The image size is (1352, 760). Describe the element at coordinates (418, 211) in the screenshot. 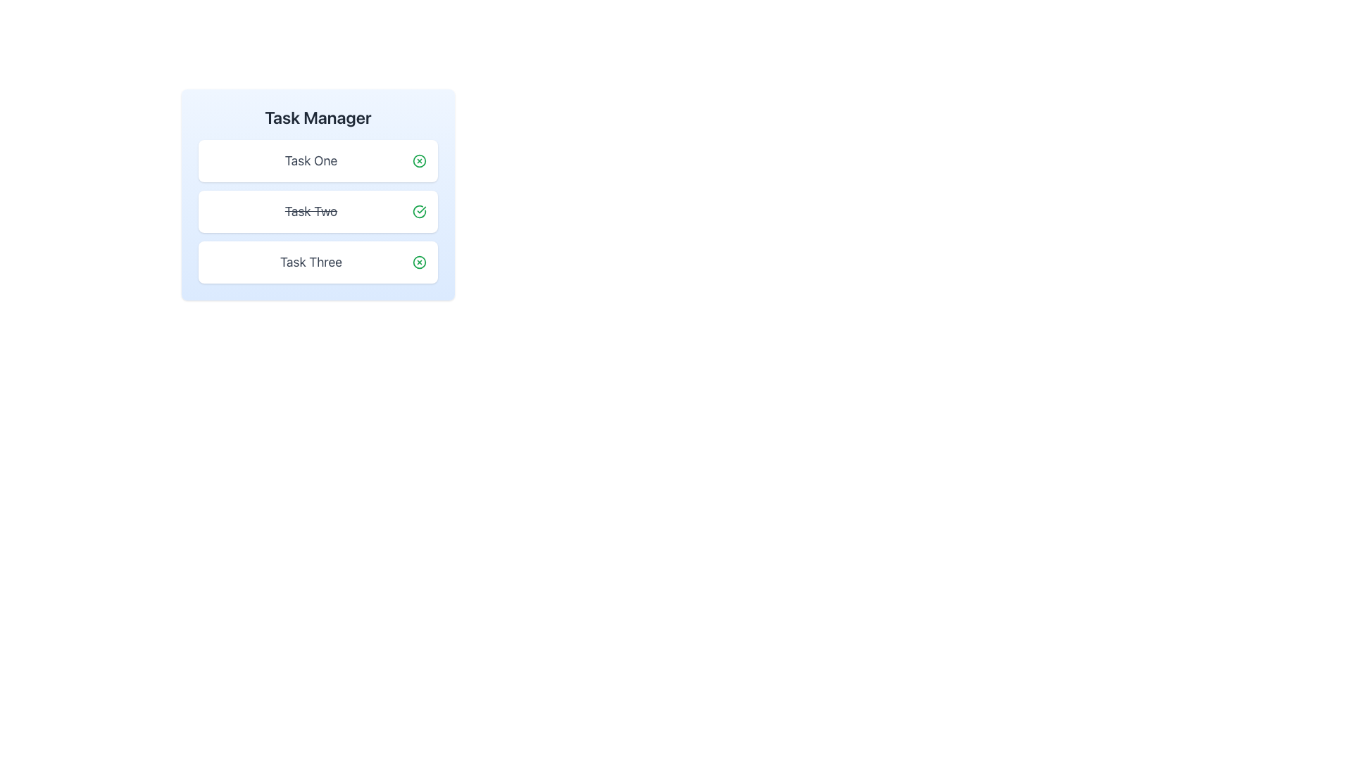

I see `the second icon button from the top in the list of task items` at that location.